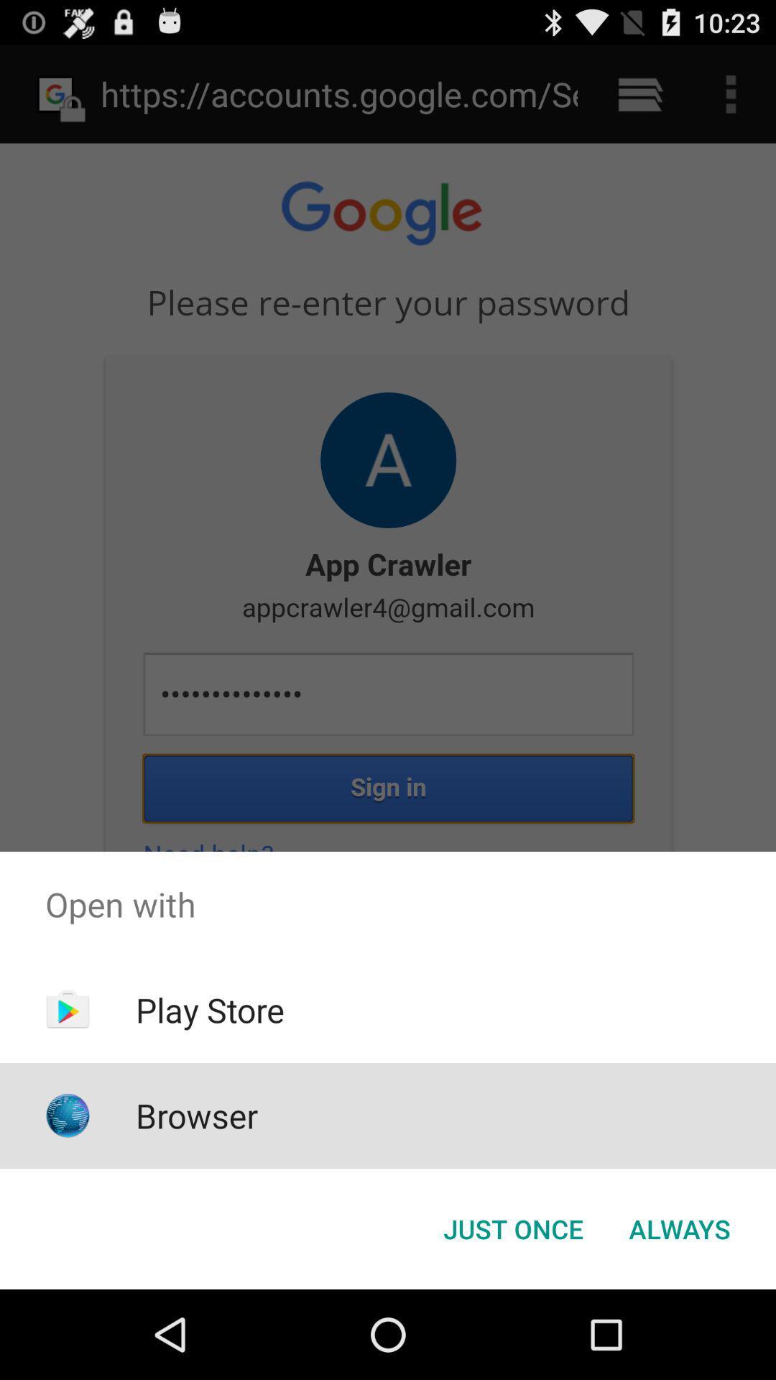 Image resolution: width=776 pixels, height=1380 pixels. What do you see at coordinates (679, 1228) in the screenshot?
I see `the always item` at bounding box center [679, 1228].